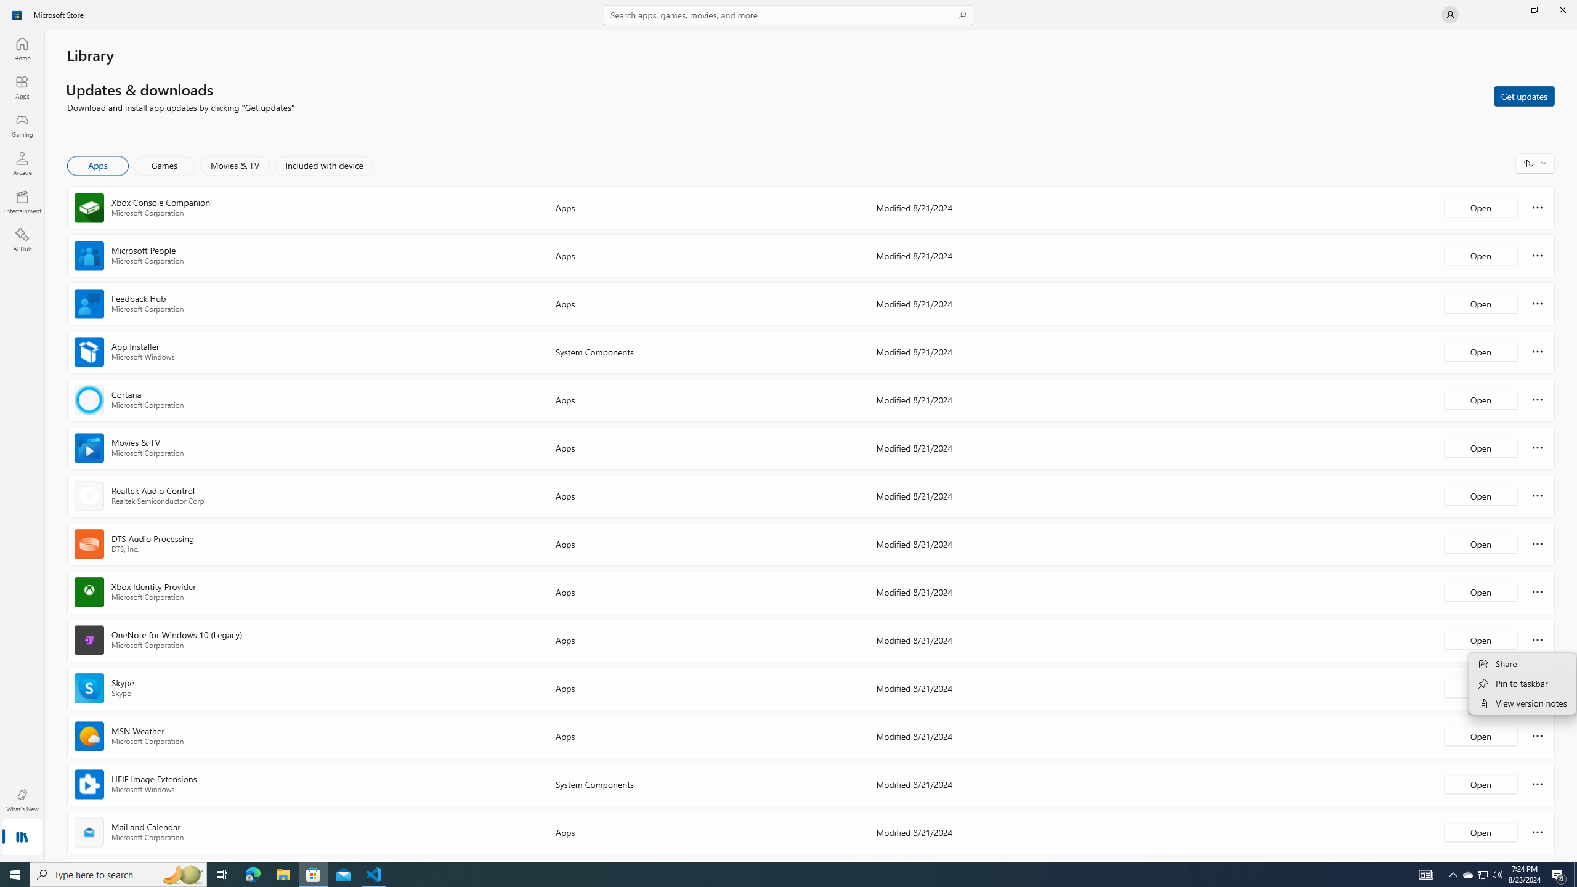 This screenshot has height=887, width=1577. Describe the element at coordinates (17, 14) in the screenshot. I see `'Class: Image'` at that location.